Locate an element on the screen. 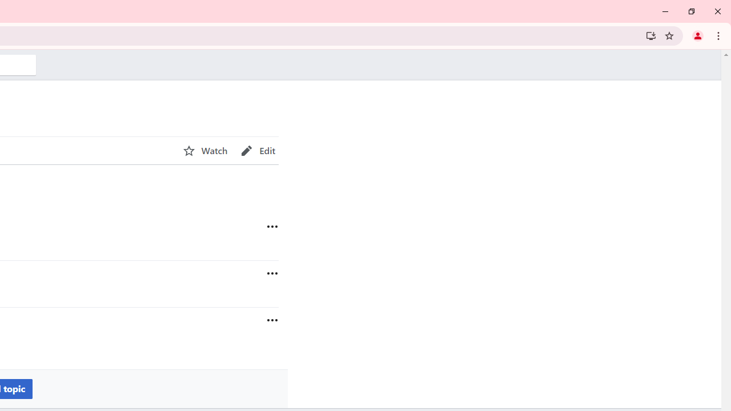 The width and height of the screenshot is (731, 411). 'Watch' is located at coordinates (205, 150).